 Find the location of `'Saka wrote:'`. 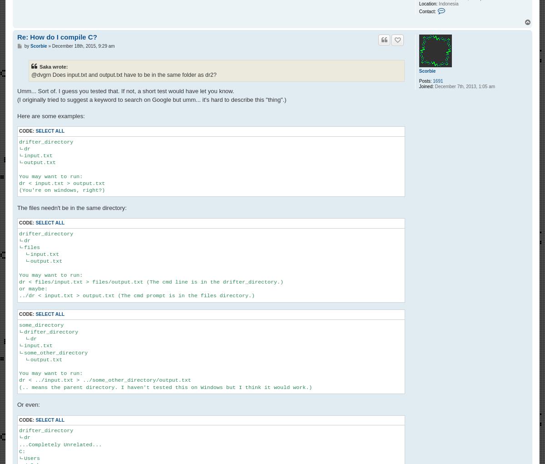

'Saka wrote:' is located at coordinates (40, 66).